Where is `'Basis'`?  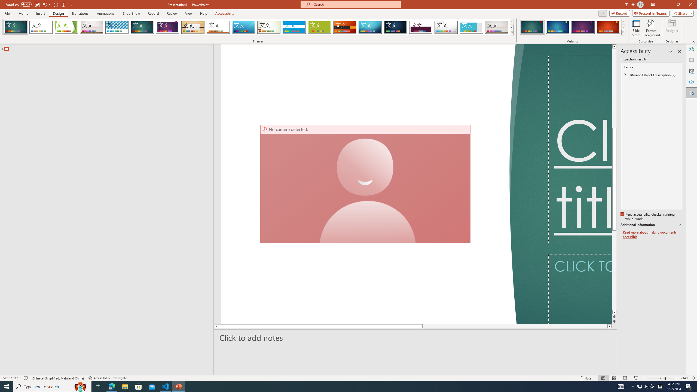 'Basis' is located at coordinates (319, 27).